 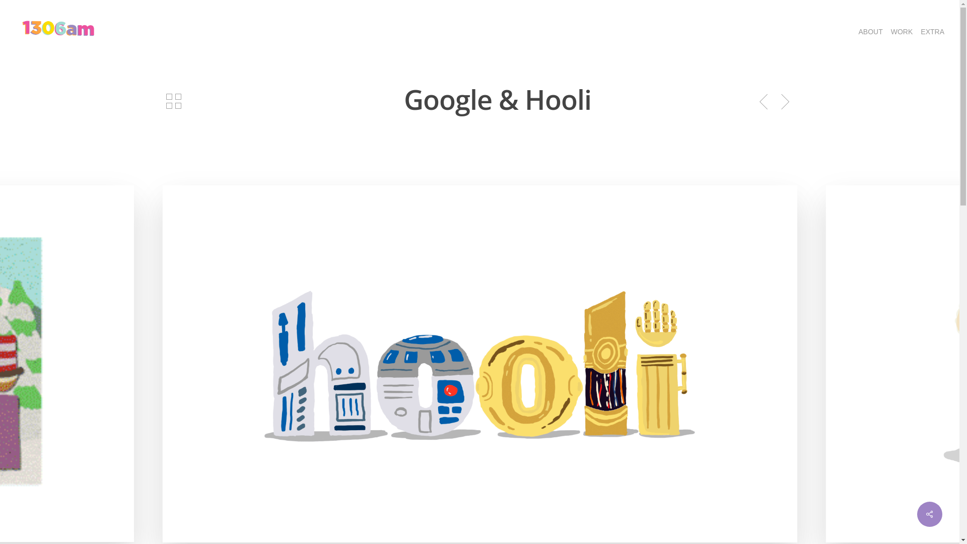 I want to click on 'ABOUT', so click(x=854, y=31).